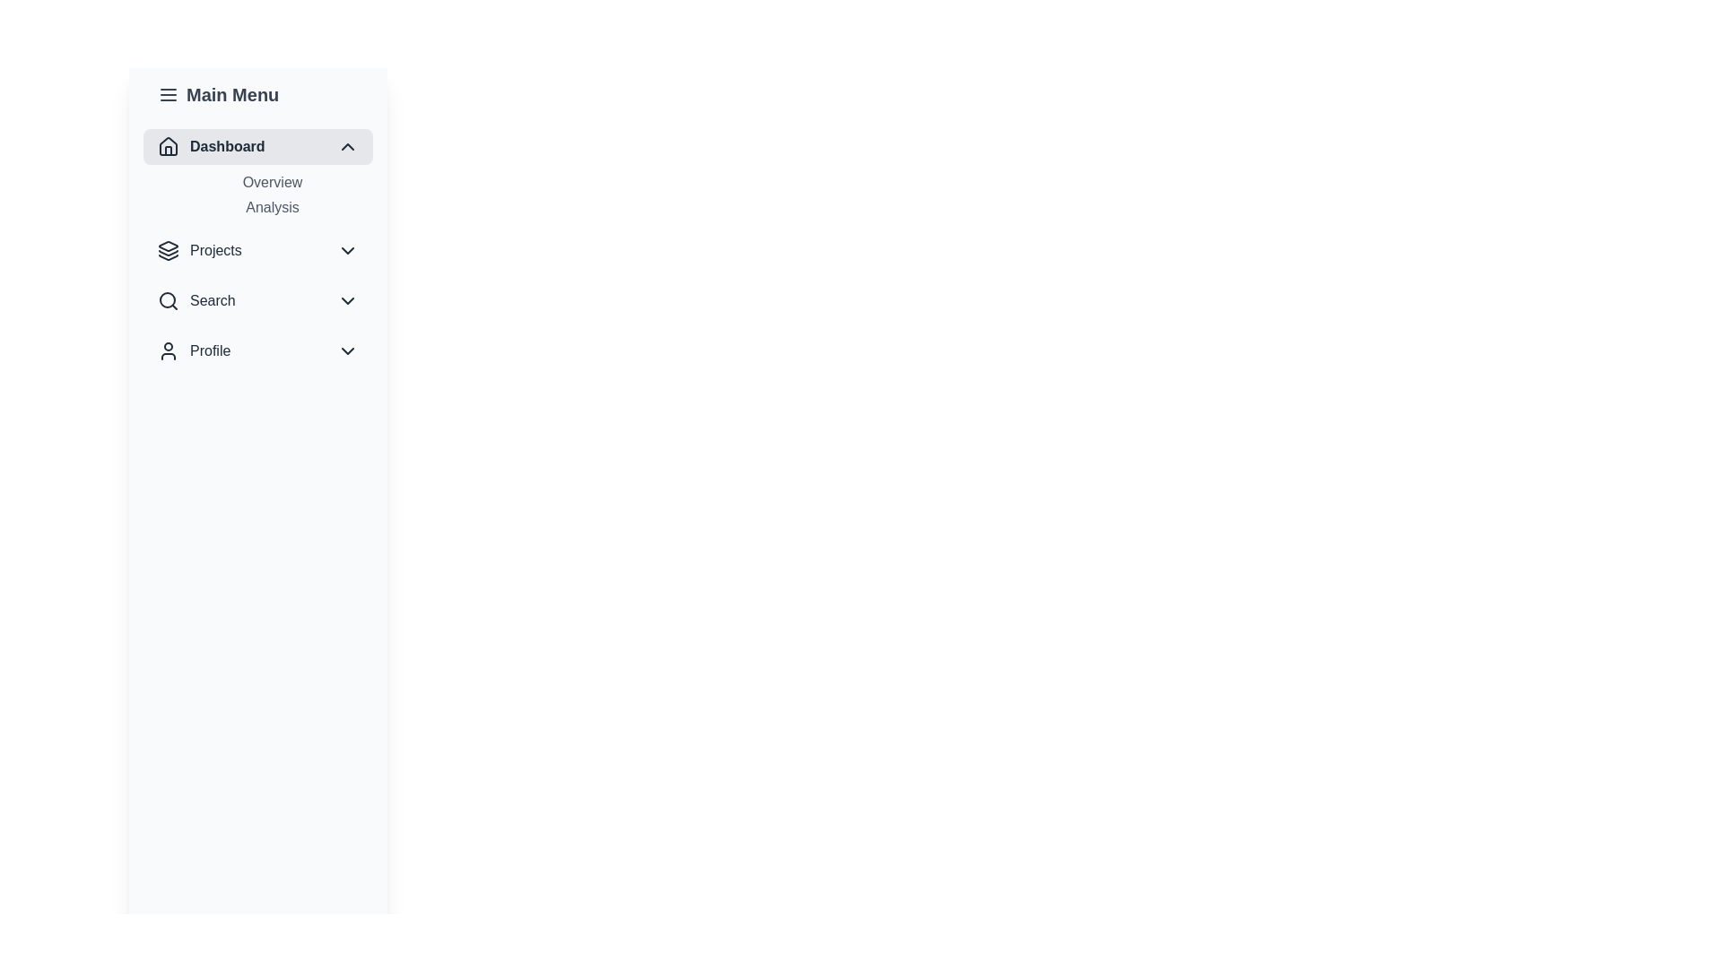 This screenshot has width=1722, height=968. What do you see at coordinates (168, 299) in the screenshot?
I see `the search icon located in the sidebar menu, positioned below the 'Projects' section and above the 'Profile' section` at bounding box center [168, 299].